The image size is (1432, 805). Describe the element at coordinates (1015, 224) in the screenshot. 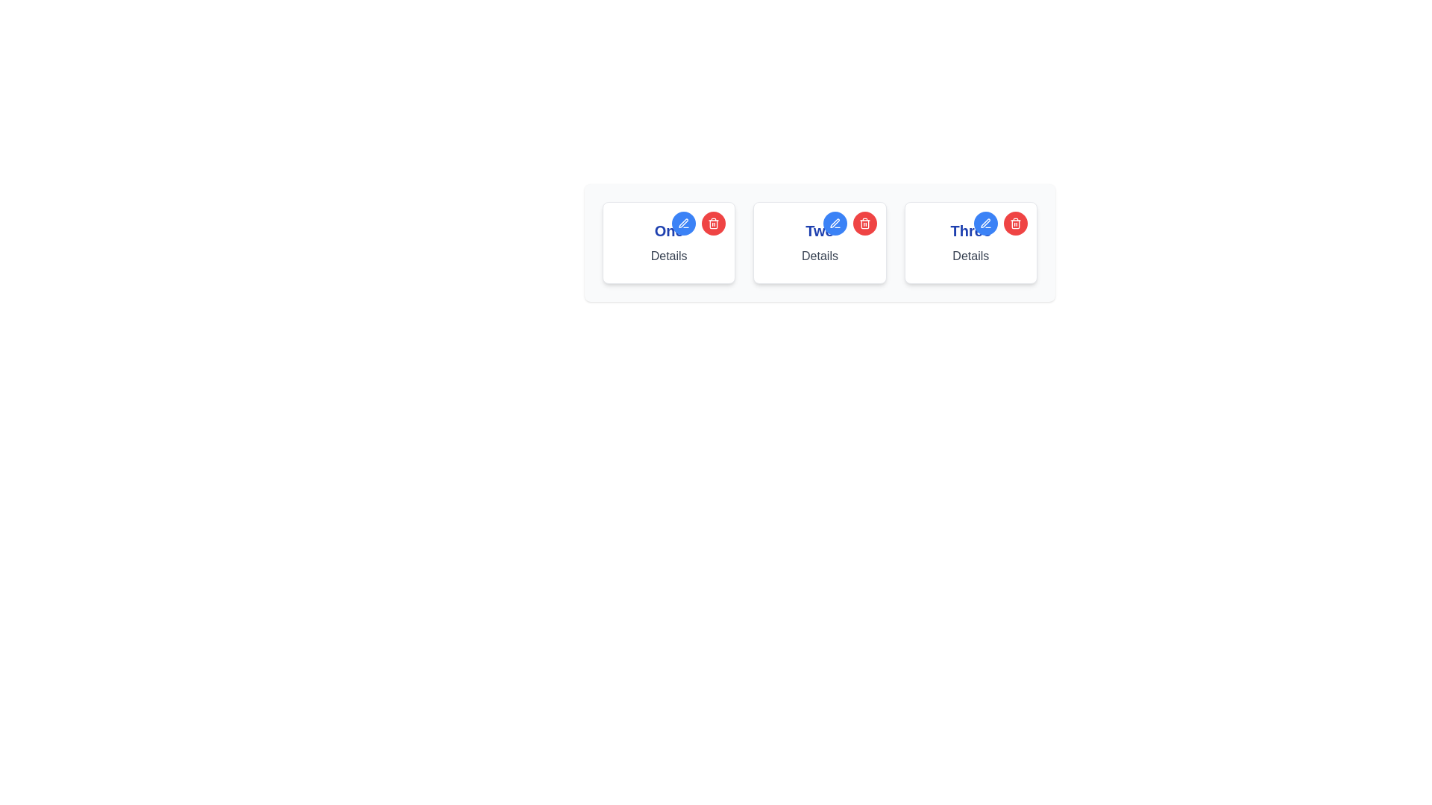

I see `the delete button located at the top-right corner of the card labeled 'Three'` at that location.